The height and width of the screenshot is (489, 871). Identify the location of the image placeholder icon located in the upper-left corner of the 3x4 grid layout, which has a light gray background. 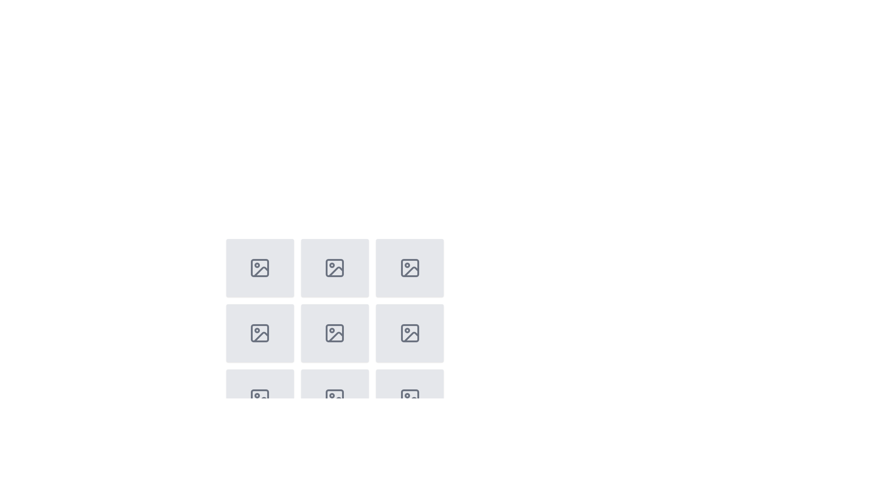
(259, 267).